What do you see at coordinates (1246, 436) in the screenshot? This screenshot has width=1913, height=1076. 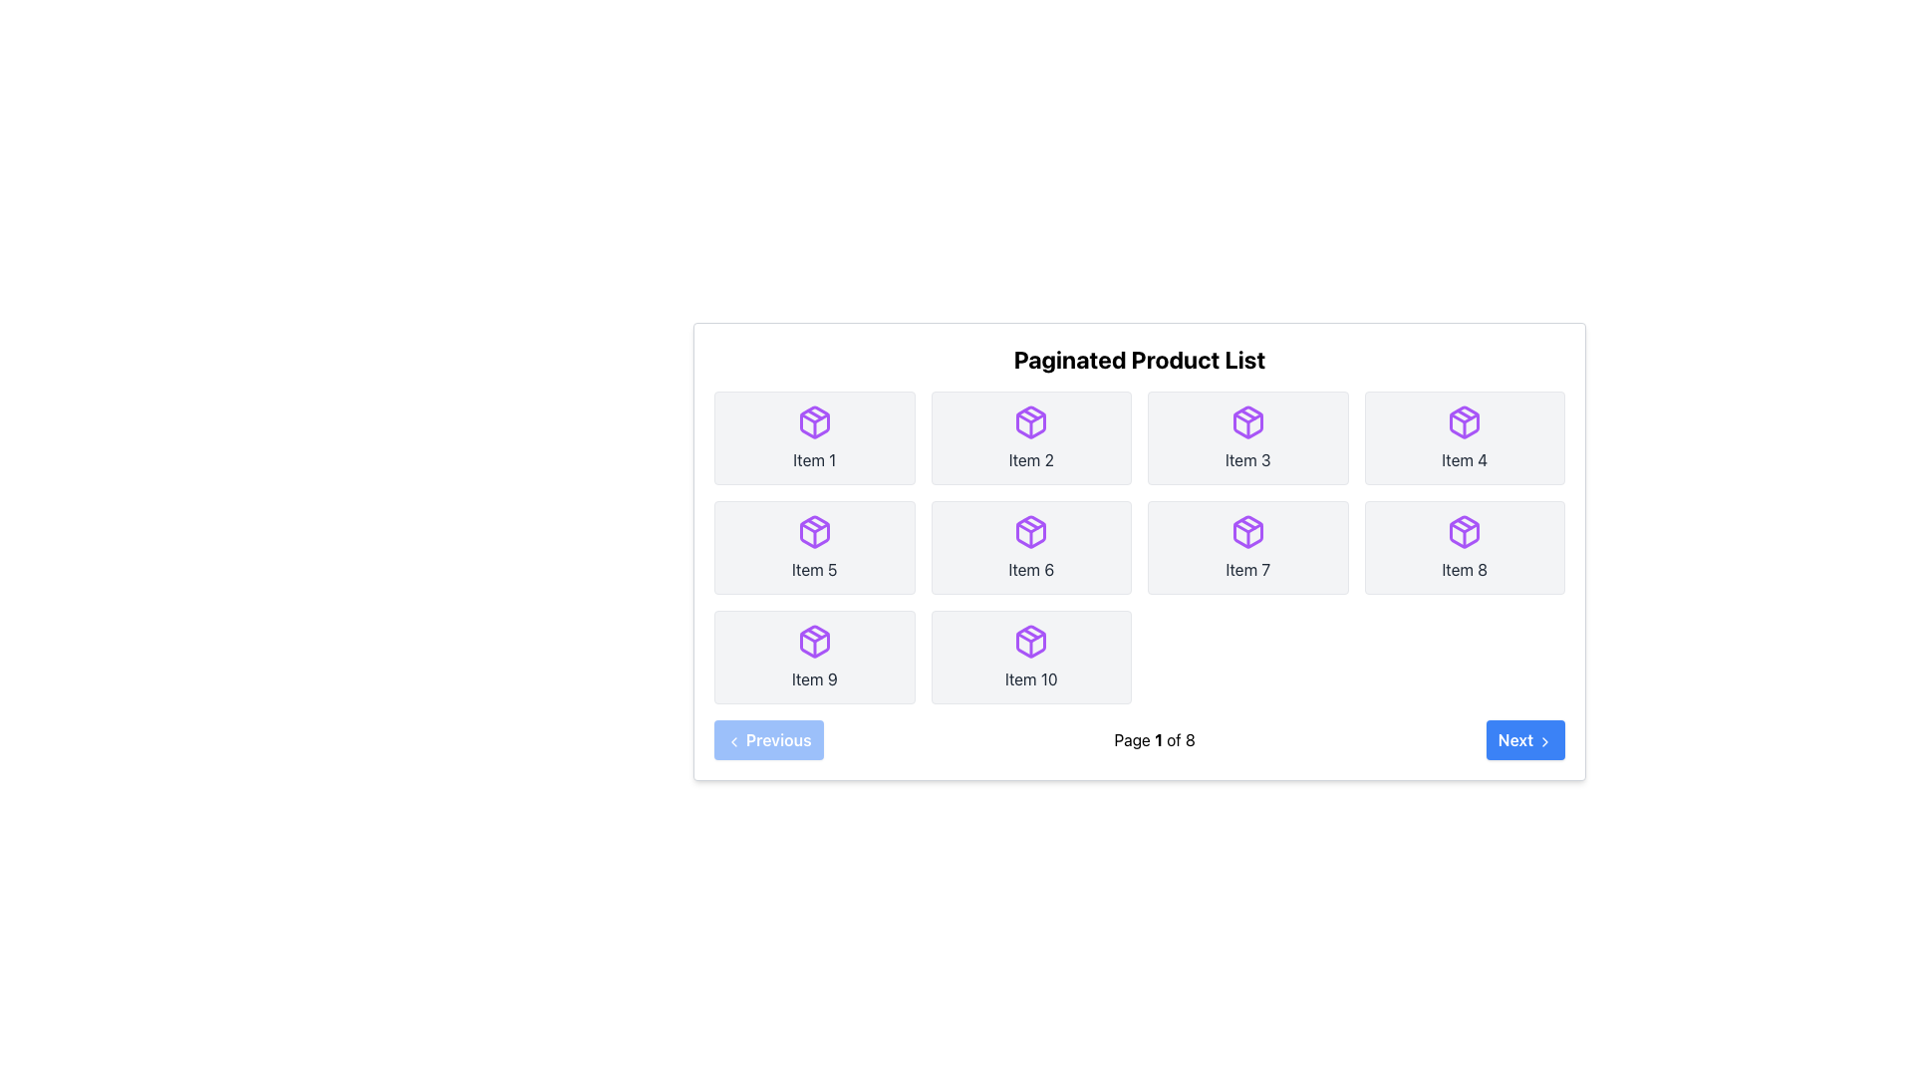 I see `label of the 'Item 3' card in the paginated product list, located in the third column of the first row` at bounding box center [1246, 436].